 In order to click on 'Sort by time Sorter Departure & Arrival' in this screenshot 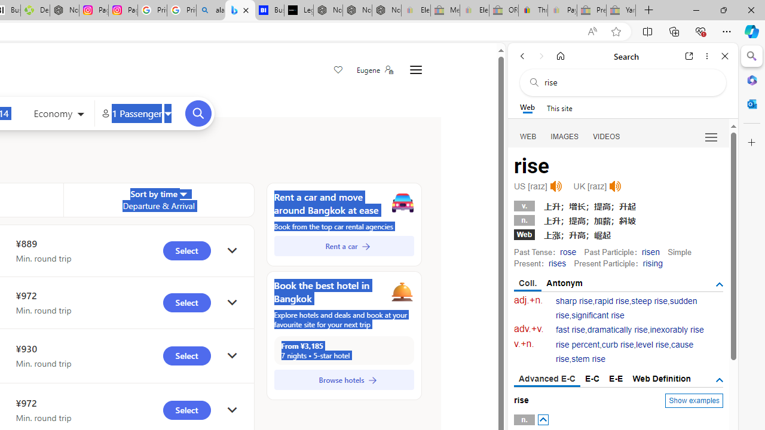, I will do `click(158, 199)`.